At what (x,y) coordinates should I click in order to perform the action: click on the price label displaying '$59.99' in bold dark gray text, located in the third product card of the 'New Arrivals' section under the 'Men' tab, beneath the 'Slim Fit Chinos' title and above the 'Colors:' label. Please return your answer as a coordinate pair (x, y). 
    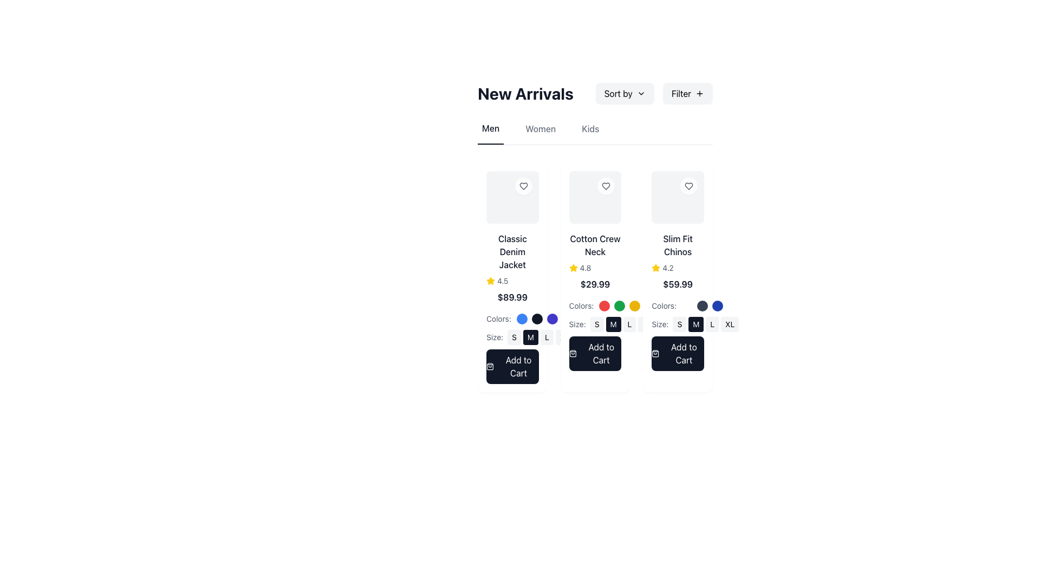
    Looking at the image, I should click on (677, 283).